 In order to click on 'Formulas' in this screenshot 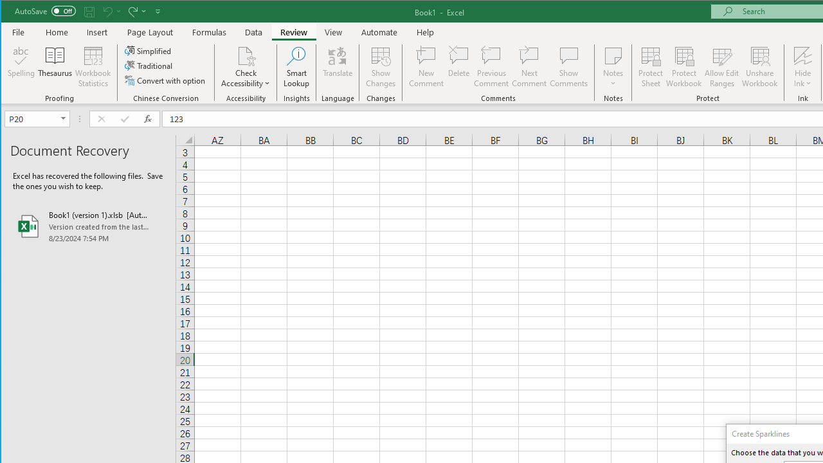, I will do `click(210, 32)`.